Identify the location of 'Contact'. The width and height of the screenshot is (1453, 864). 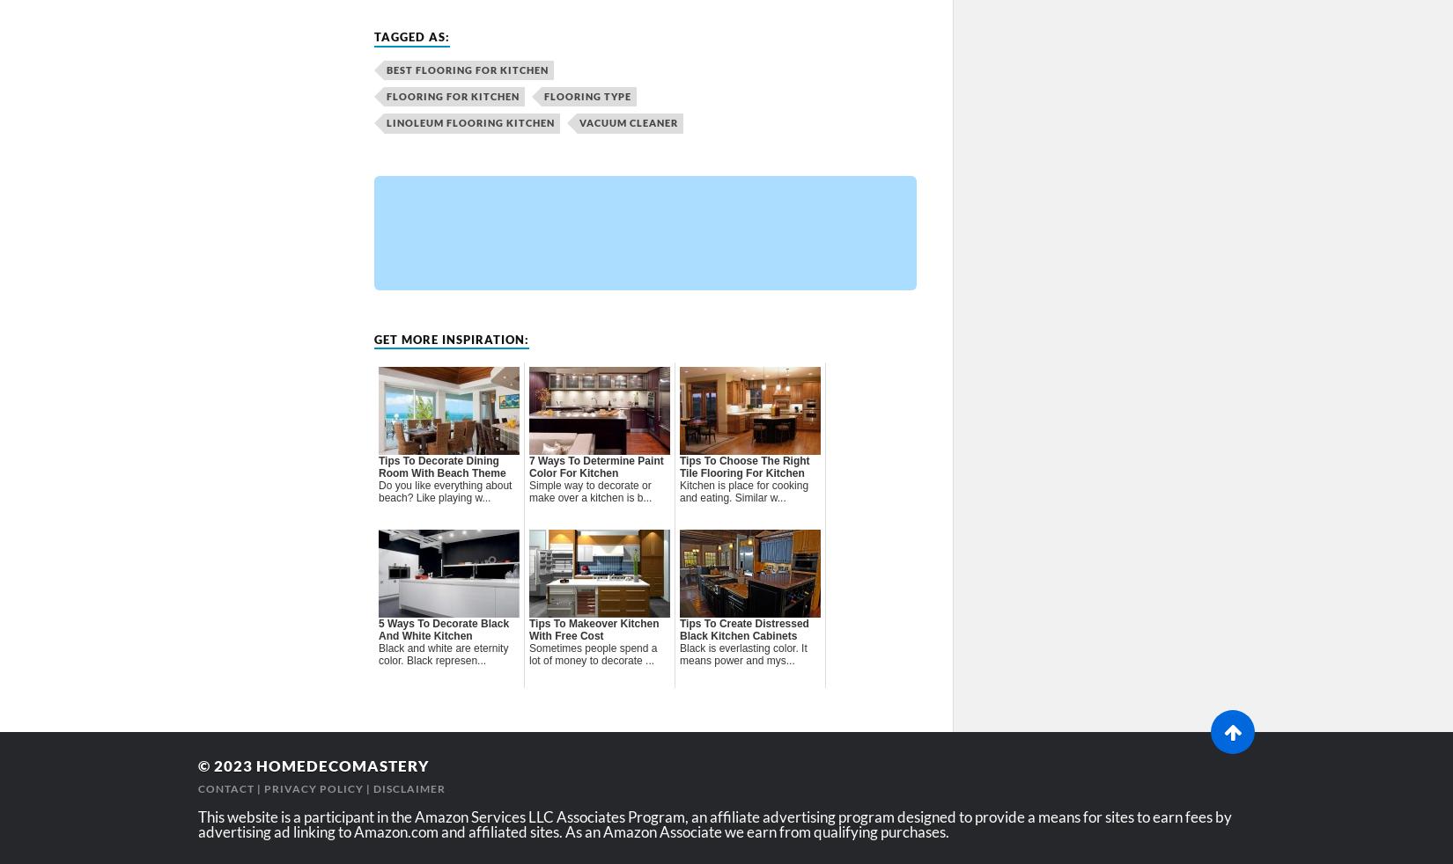
(226, 788).